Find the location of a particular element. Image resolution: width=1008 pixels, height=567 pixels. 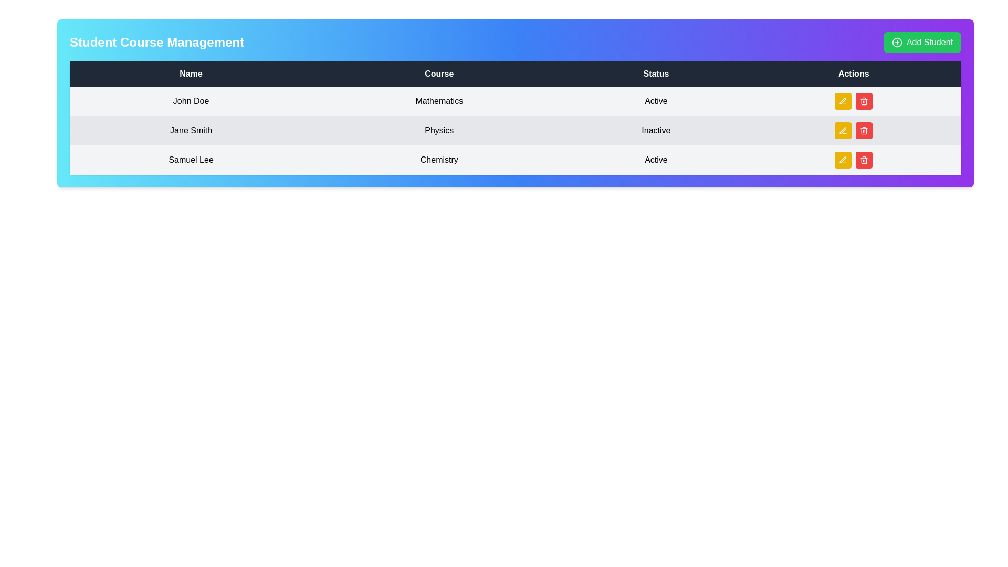

the table cell in the first column of the second row under the 'Name' header is located at coordinates (191, 130).